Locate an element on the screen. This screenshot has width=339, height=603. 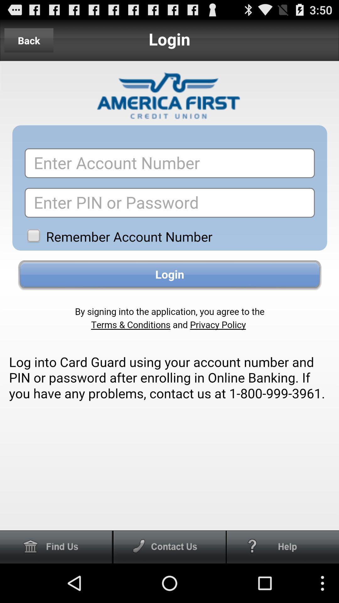
credit union login screen is located at coordinates (169, 295).